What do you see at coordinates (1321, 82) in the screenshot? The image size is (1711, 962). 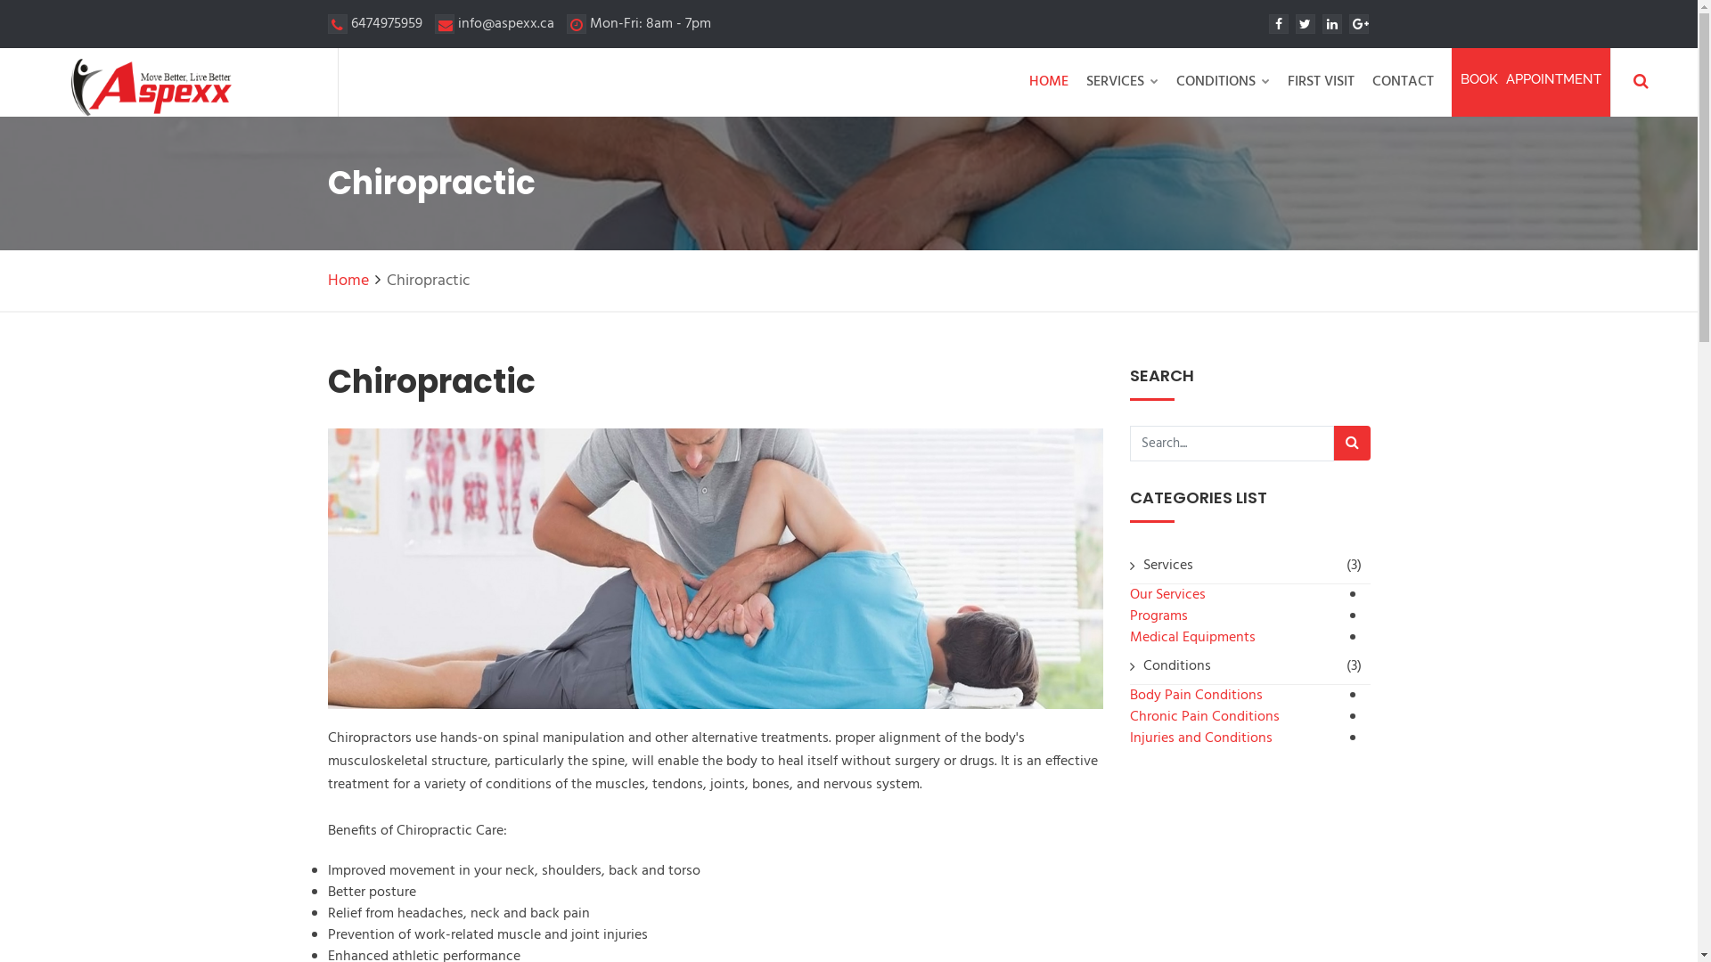 I see `'FIRST VISIT'` at bounding box center [1321, 82].